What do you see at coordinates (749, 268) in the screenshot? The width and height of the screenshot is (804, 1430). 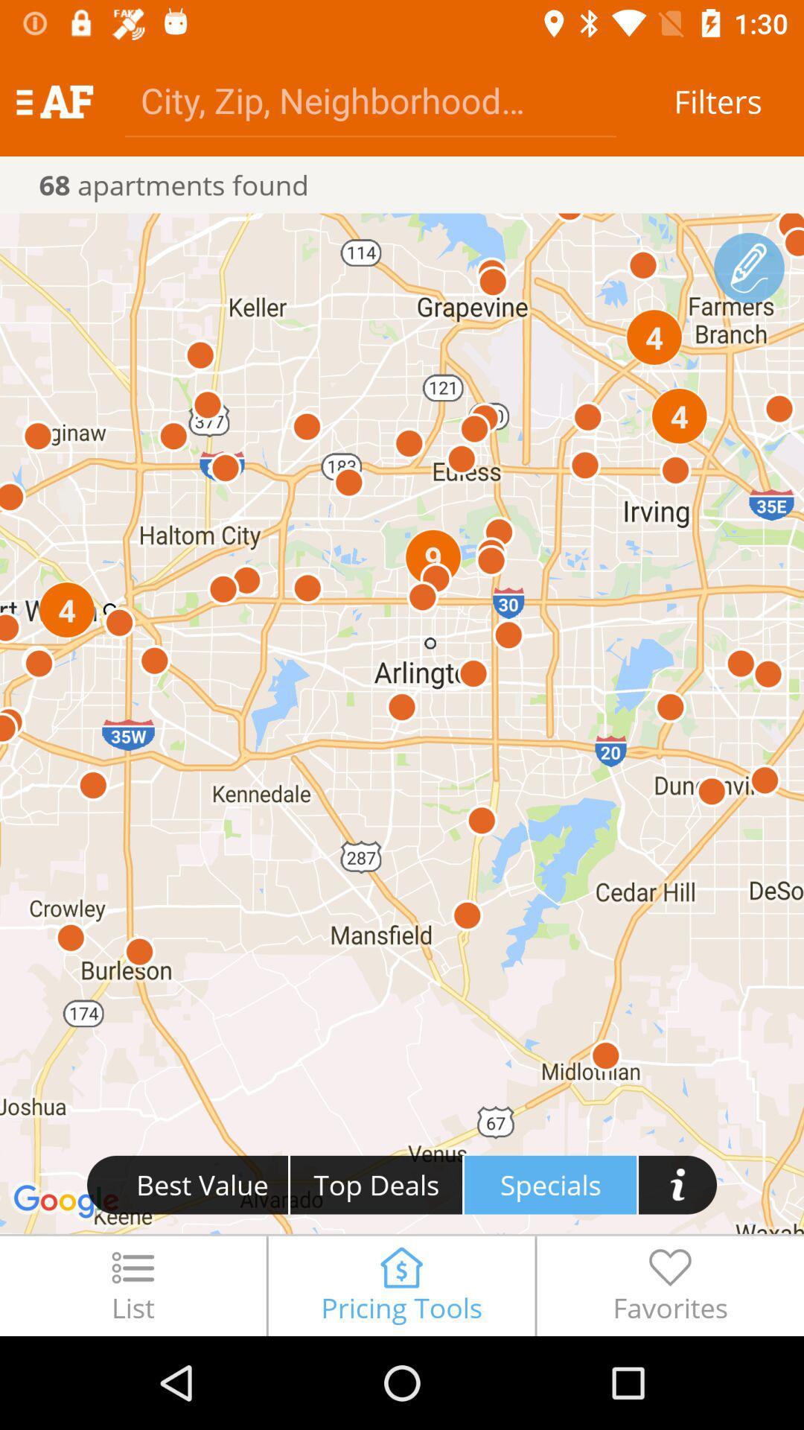 I see `edit map area` at bounding box center [749, 268].